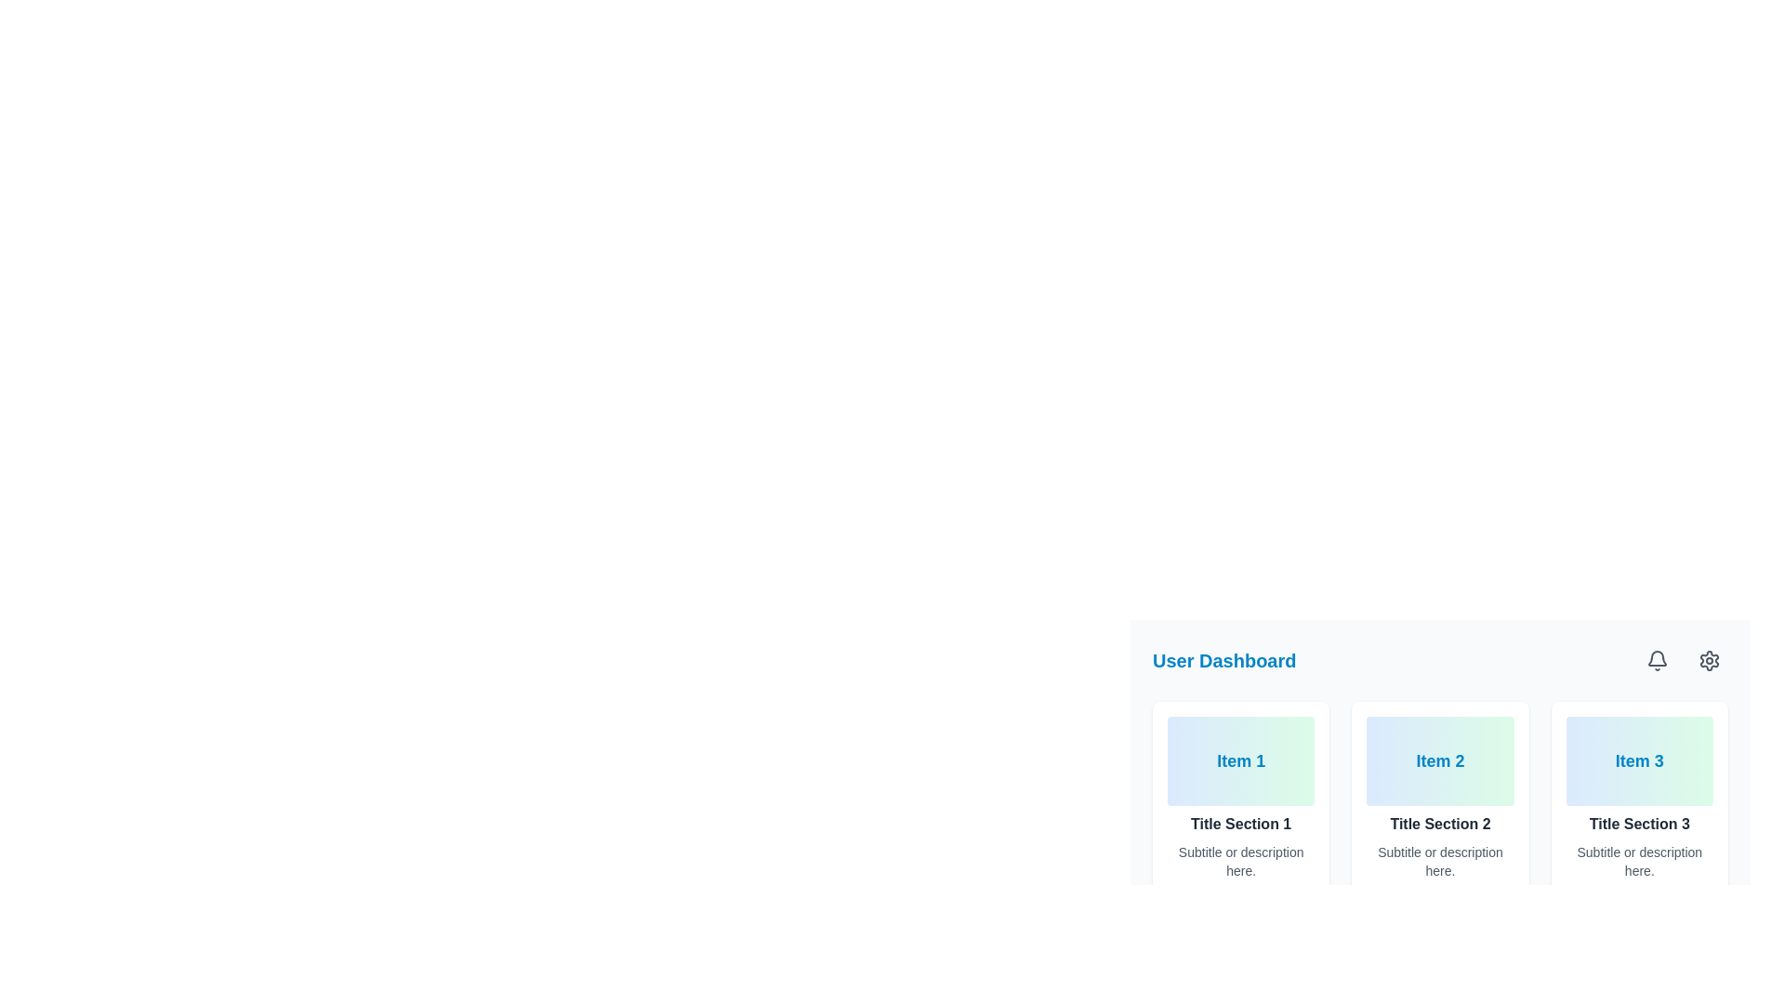 The image size is (1785, 1004). I want to click on displayed information from the first card labeled 'Item 1' in the User Dashboard section, located in the upper-left corner of the dashboard, so click(1241, 798).